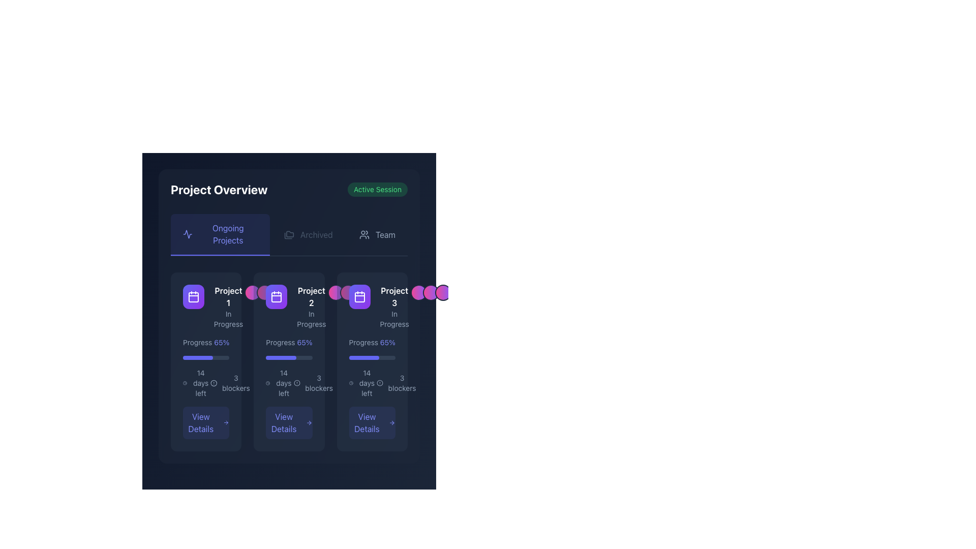 The height and width of the screenshot is (549, 976). Describe the element at coordinates (379, 383) in the screenshot. I see `the circular element within the SVG graphic that serves as a visual notification or alert, located to the right of the 'Project 3' card in the 'Ongoing Projects' section` at that location.